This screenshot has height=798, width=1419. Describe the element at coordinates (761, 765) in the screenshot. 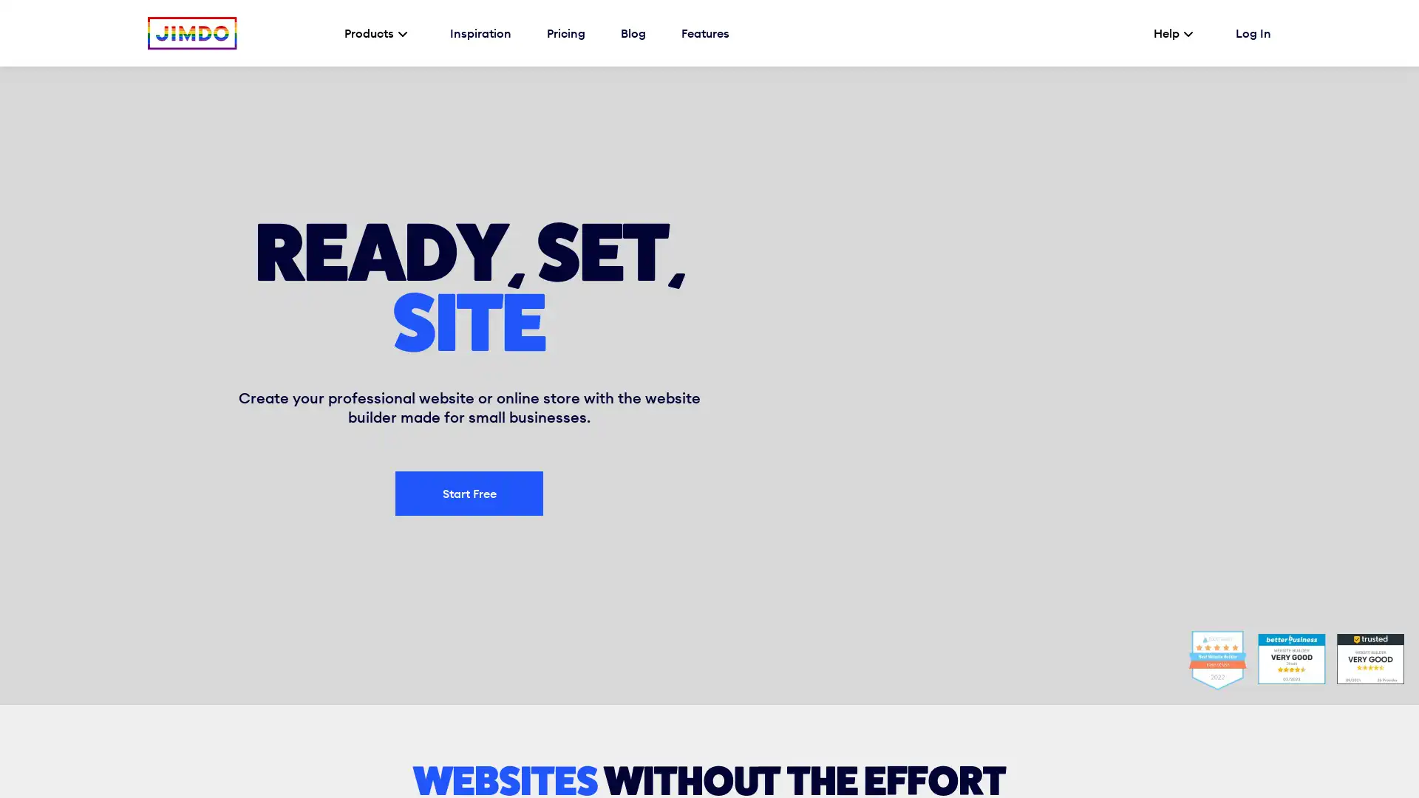

I see `Deny` at that location.